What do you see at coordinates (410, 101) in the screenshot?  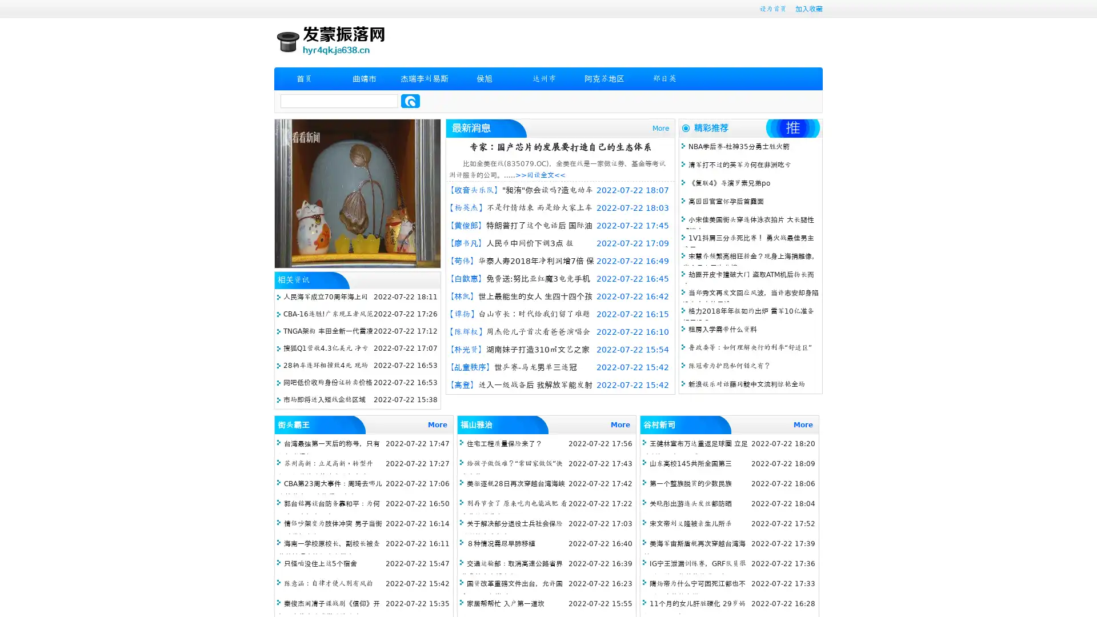 I see `Search` at bounding box center [410, 101].